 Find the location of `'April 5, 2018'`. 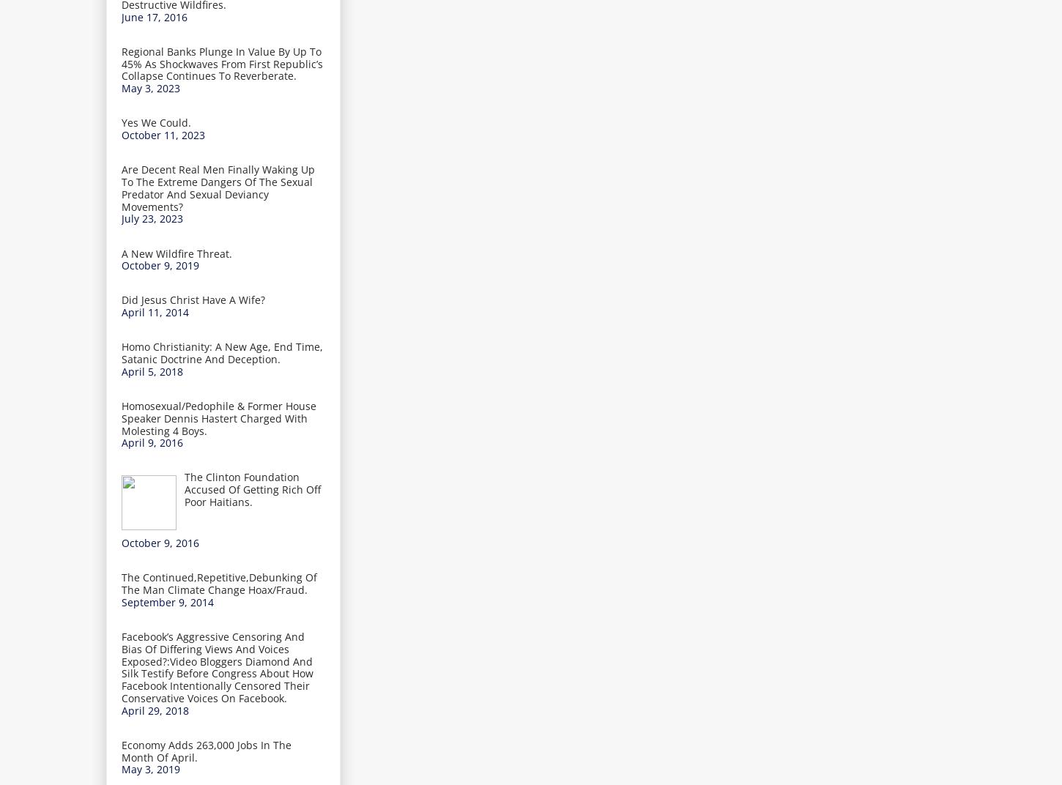

'April 5, 2018' is located at coordinates (151, 371).